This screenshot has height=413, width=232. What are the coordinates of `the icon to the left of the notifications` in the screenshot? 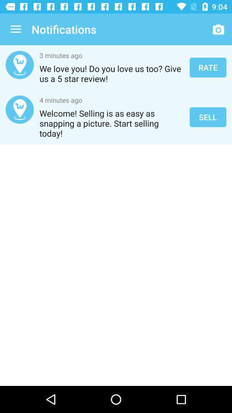 It's located at (15, 29).